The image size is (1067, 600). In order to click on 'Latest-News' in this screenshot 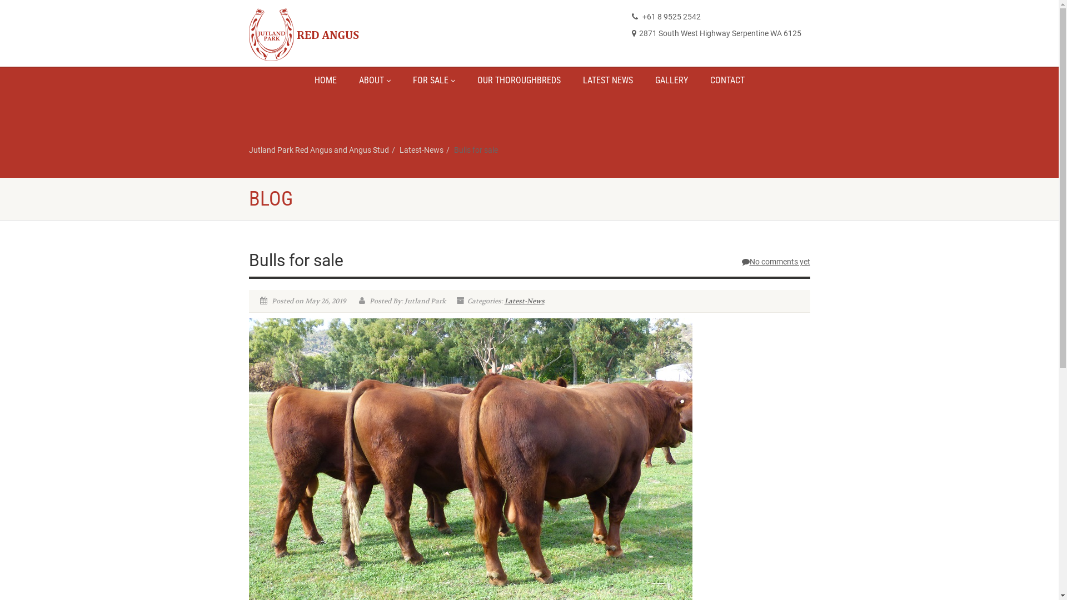, I will do `click(420, 150)`.